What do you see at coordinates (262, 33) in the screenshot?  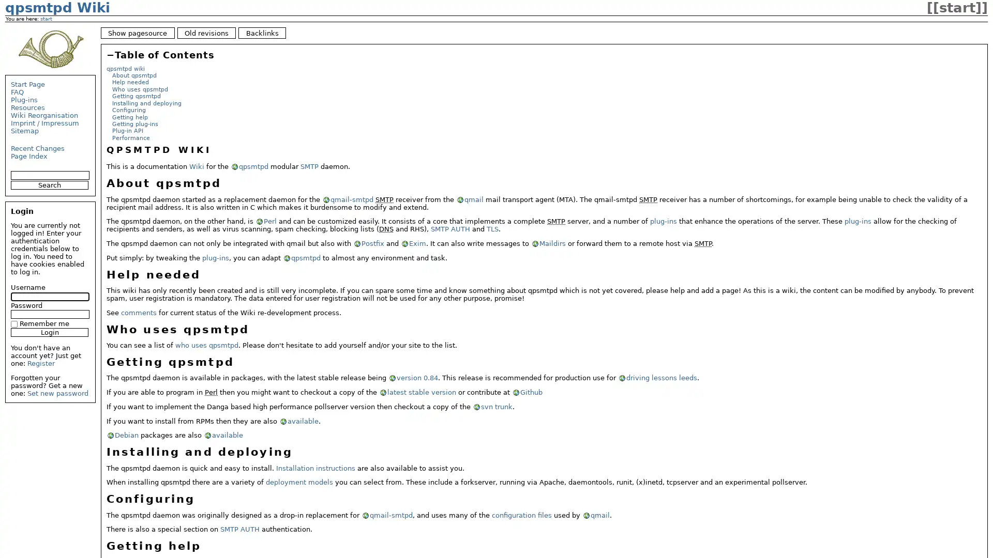 I see `Backlinks` at bounding box center [262, 33].